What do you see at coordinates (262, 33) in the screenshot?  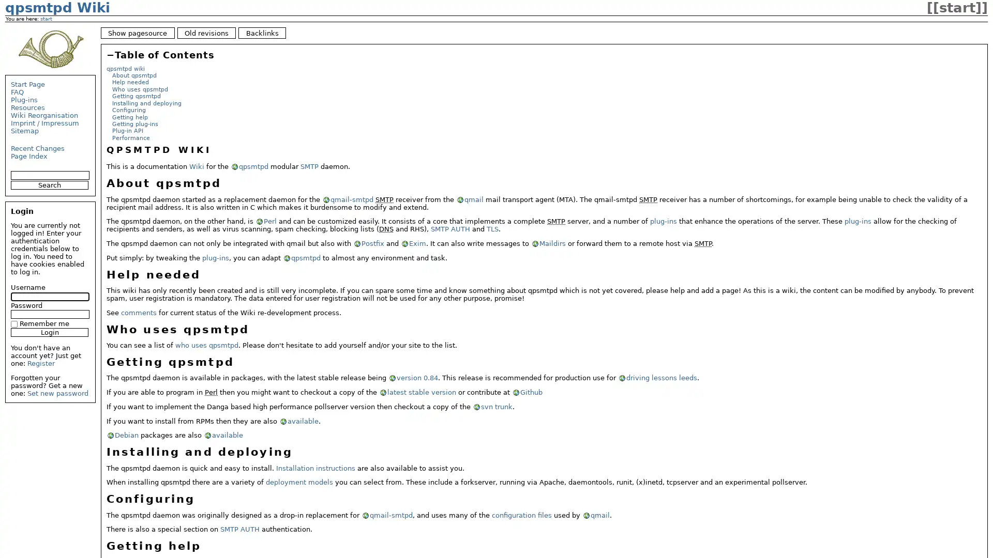 I see `Backlinks` at bounding box center [262, 33].